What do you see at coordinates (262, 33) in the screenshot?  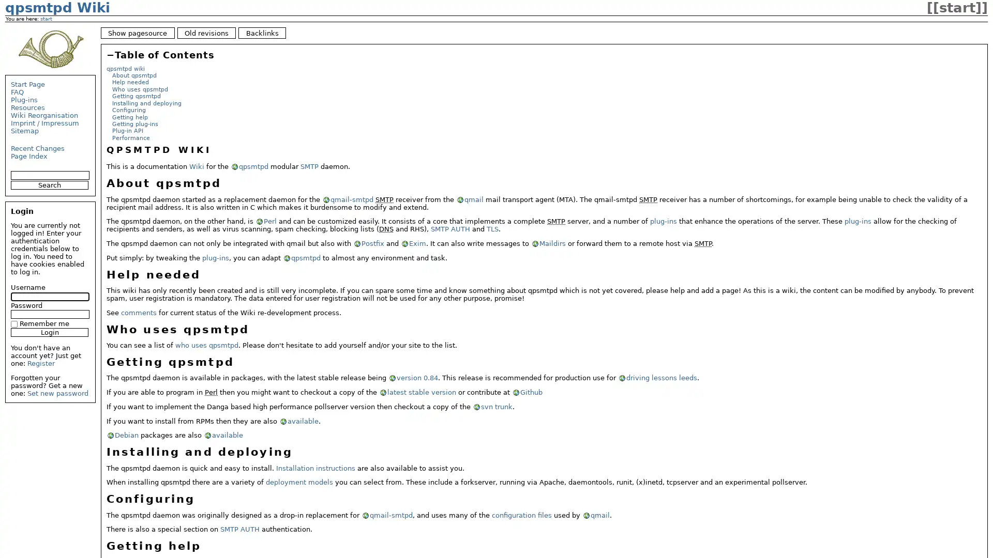 I see `Backlinks` at bounding box center [262, 33].